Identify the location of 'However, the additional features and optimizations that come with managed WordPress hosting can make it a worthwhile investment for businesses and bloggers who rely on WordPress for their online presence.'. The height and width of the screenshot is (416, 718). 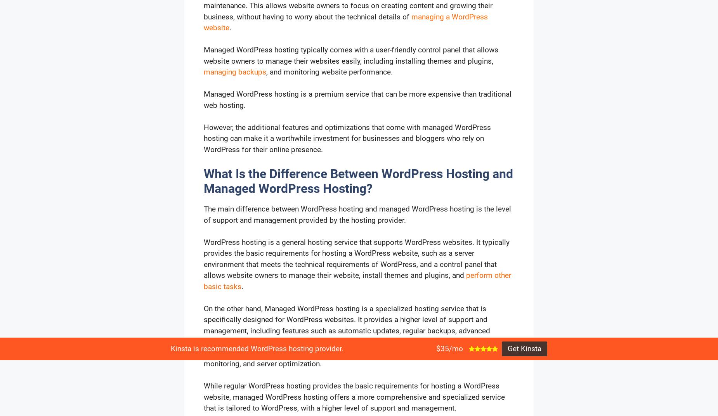
(347, 138).